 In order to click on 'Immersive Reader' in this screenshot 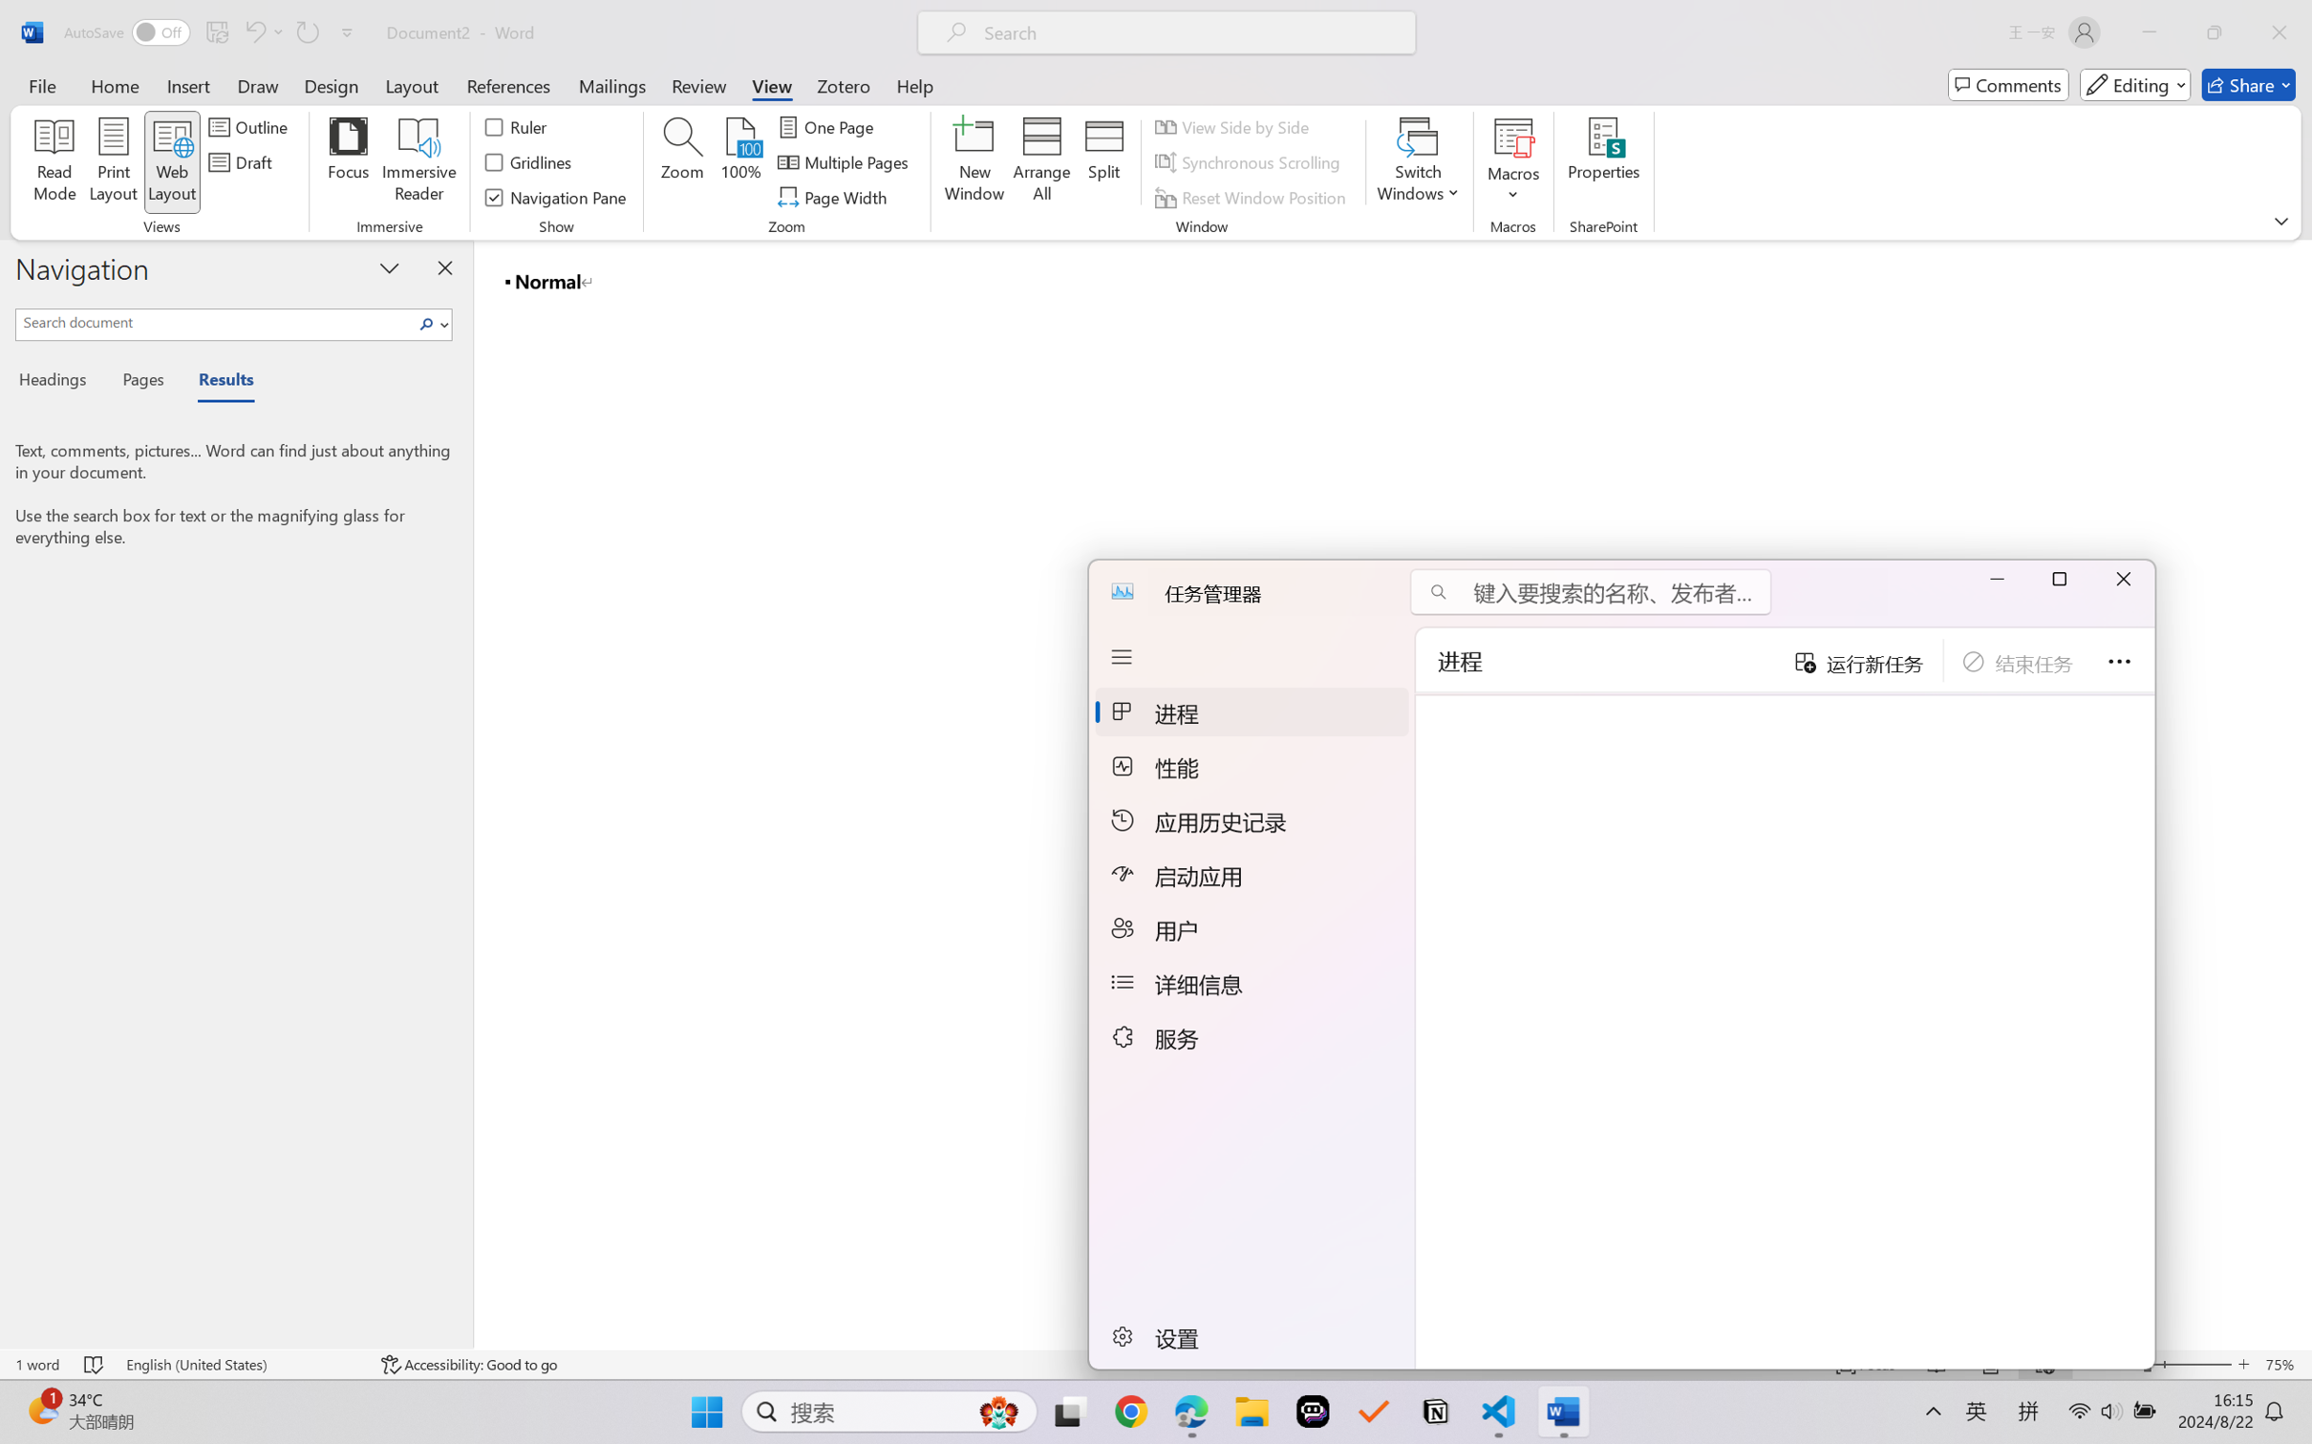, I will do `click(418, 162)`.